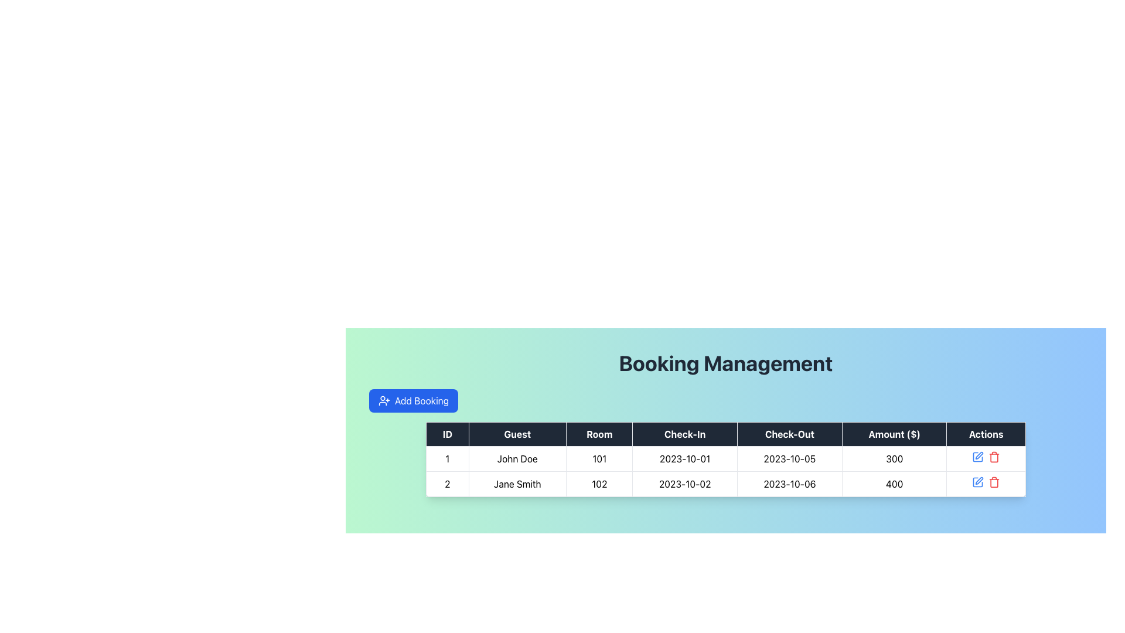  I want to click on the static text label displaying 'Jane Smith' in the second row of the table under the 'Guest' column in the 'Booking Management' section, so click(517, 484).